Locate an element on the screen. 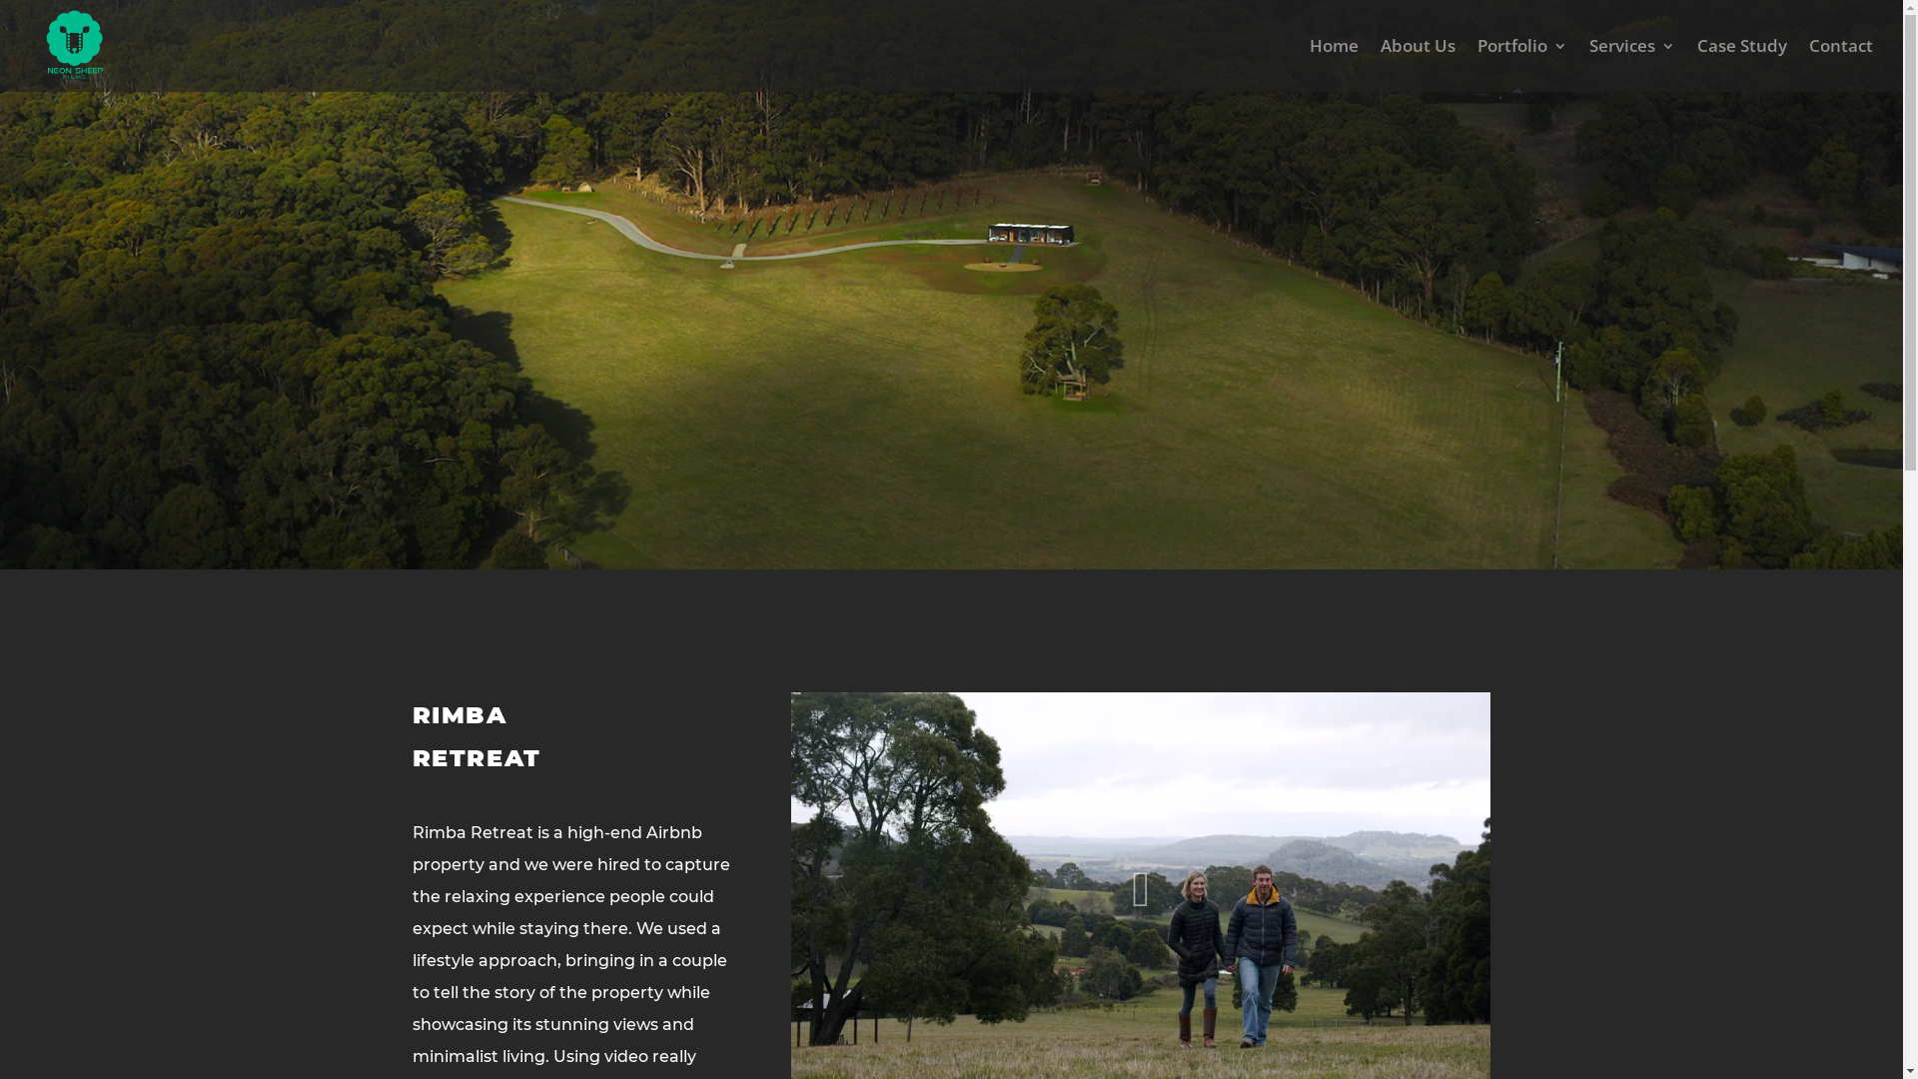  'Services' is located at coordinates (1631, 64).